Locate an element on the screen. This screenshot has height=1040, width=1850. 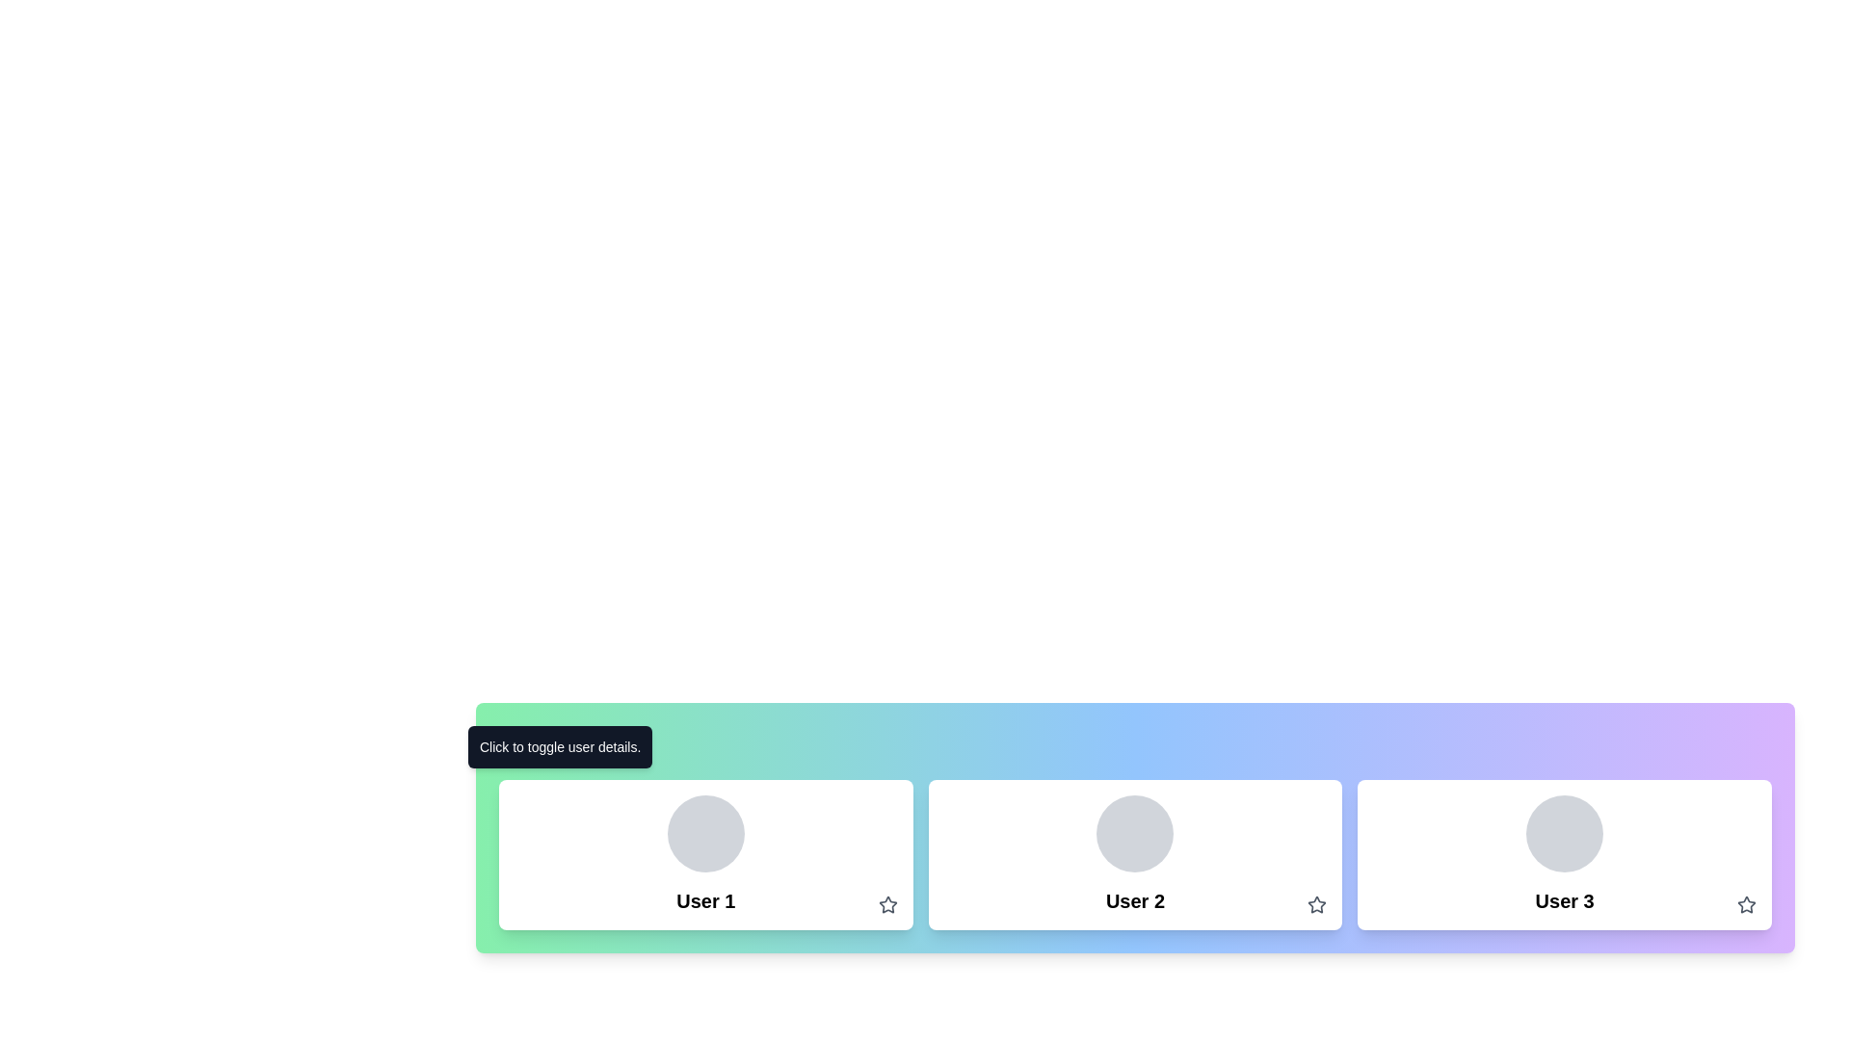
text label displaying 'User 2' located in the middle slot of the card beneath the circular avatar is located at coordinates (1135, 901).